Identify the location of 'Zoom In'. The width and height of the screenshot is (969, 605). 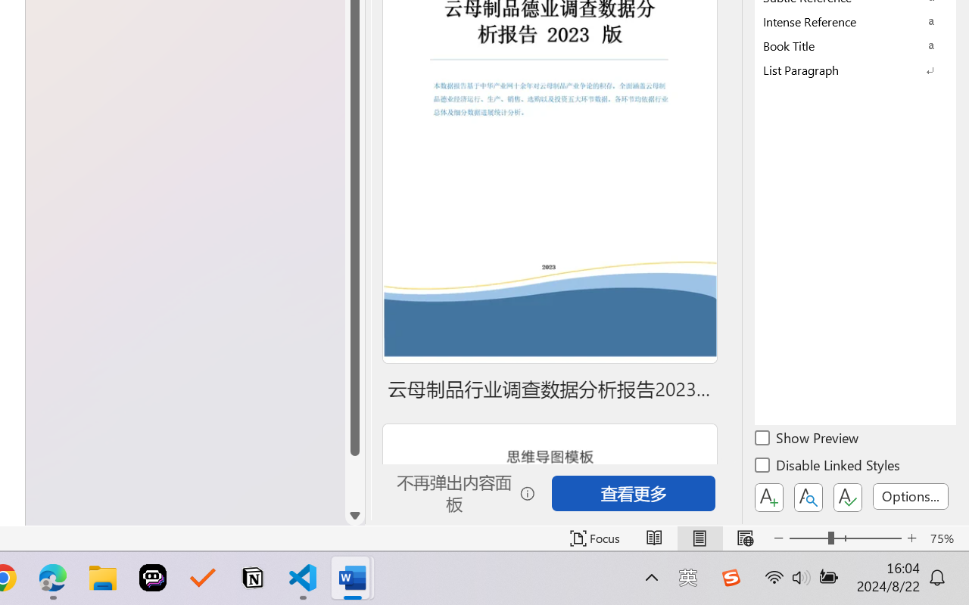
(911, 538).